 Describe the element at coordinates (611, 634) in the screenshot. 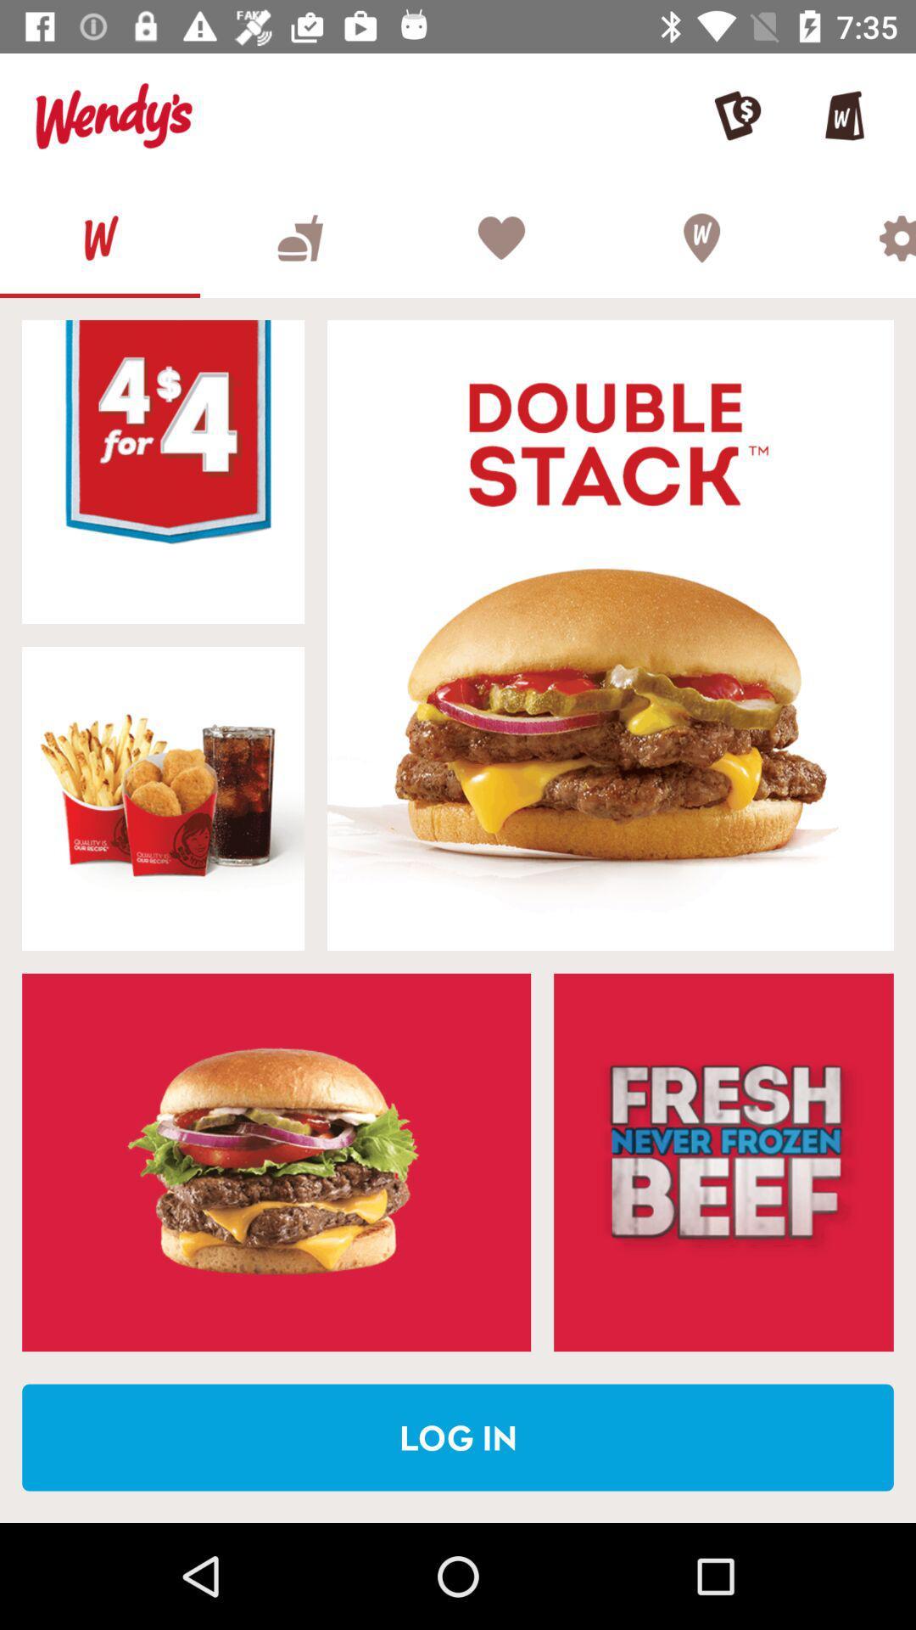

I see `choice double stack meal` at that location.